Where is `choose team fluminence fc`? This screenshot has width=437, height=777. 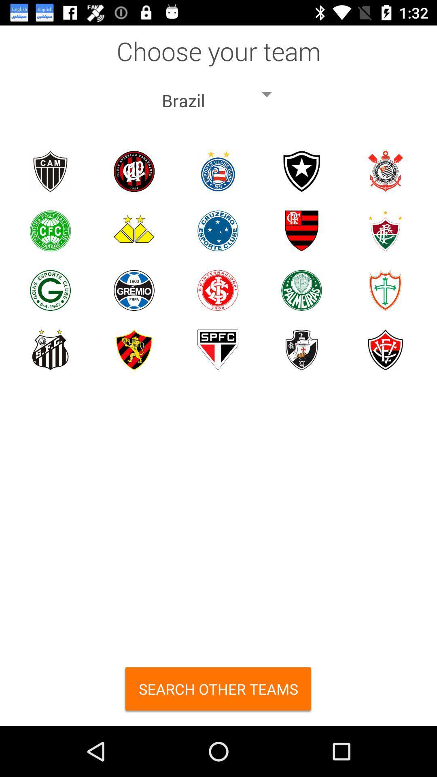
choose team fluminence fc is located at coordinates (385, 230).